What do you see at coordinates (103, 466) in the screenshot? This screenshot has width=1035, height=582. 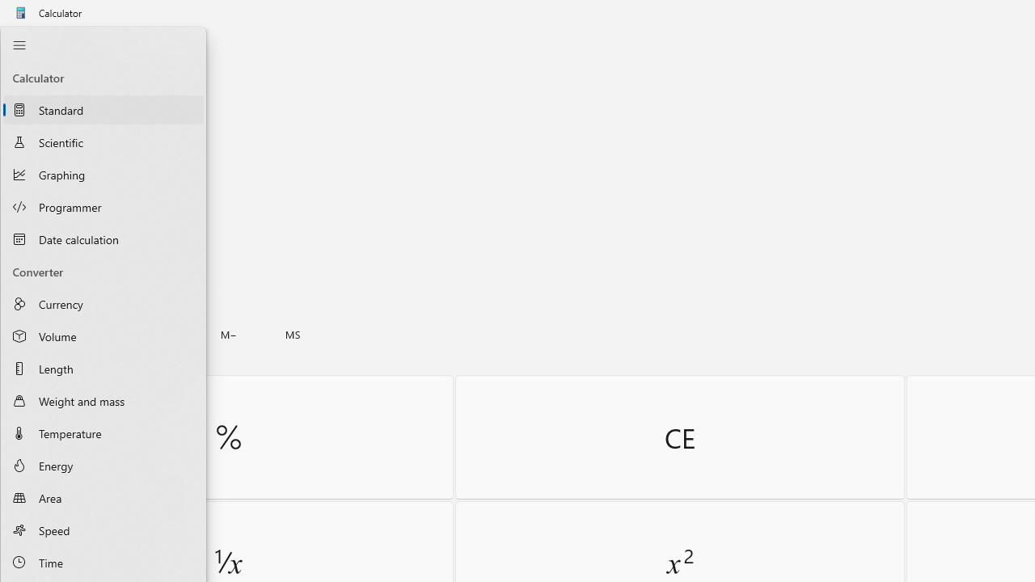 I see `'Energy Converter'` at bounding box center [103, 466].